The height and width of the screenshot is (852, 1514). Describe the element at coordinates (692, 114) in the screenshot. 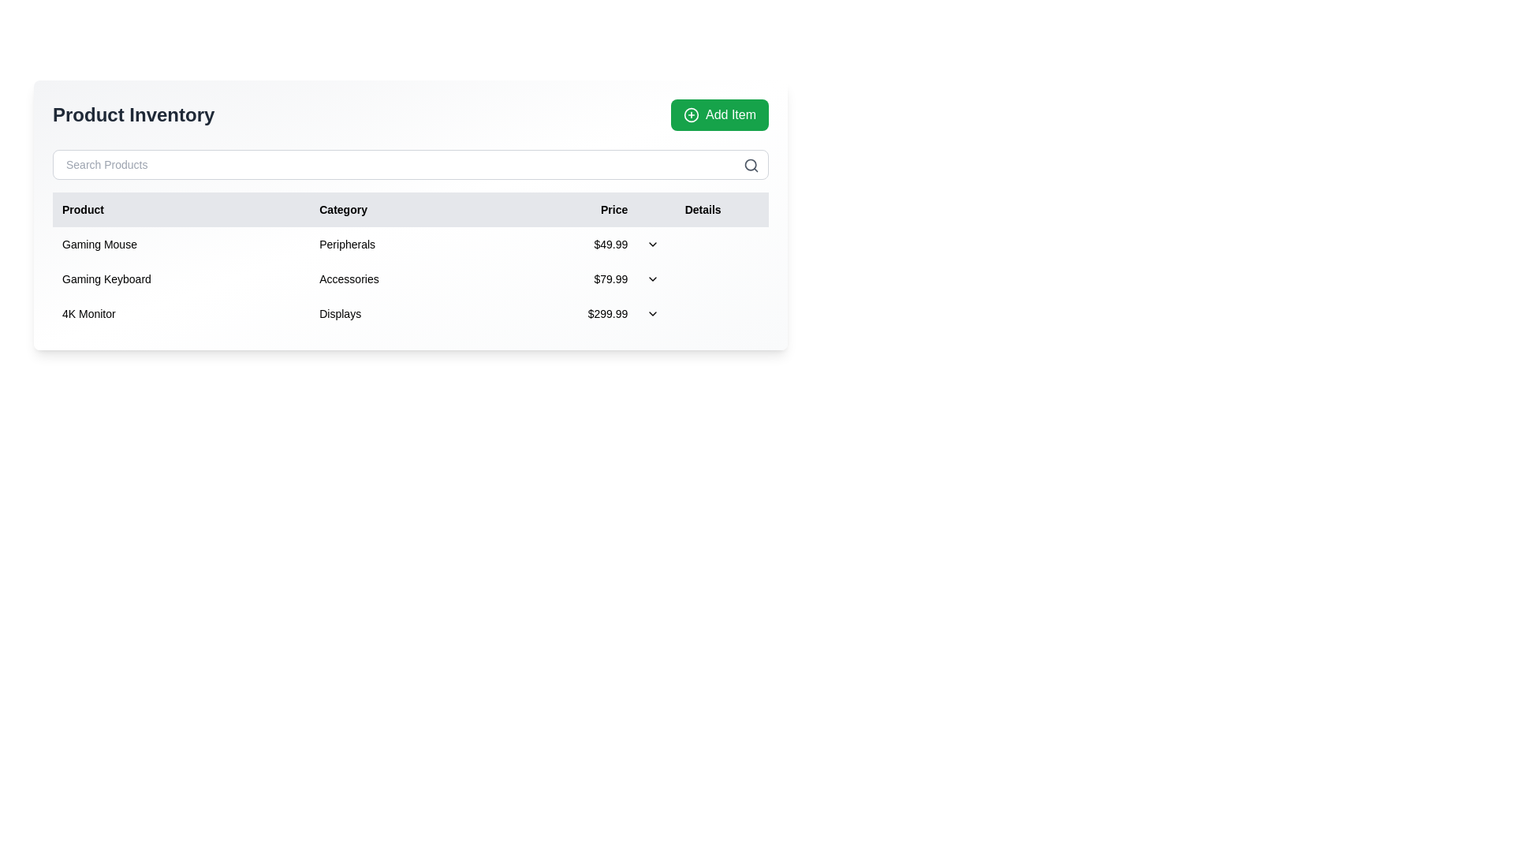

I see `the decorative circular shape located within the green 'Add Item' button in the top-right corner of the application interface` at that location.